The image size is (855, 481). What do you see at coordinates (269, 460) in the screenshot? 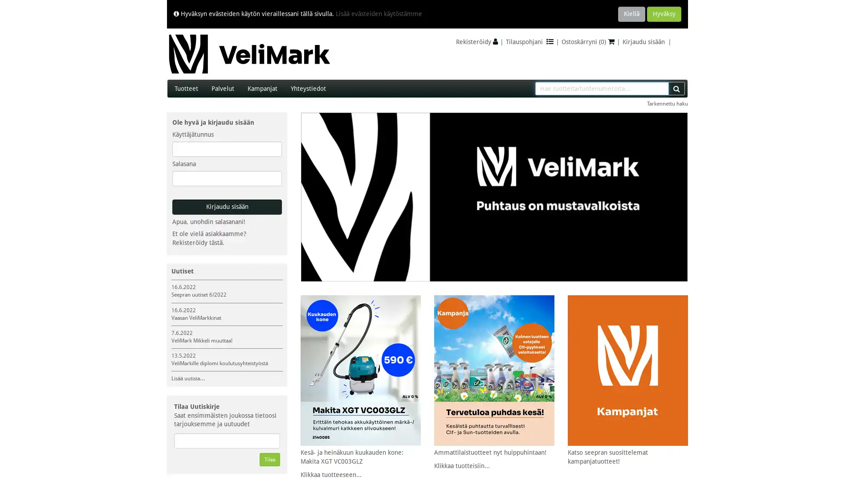
I see `Tilaa` at bounding box center [269, 460].